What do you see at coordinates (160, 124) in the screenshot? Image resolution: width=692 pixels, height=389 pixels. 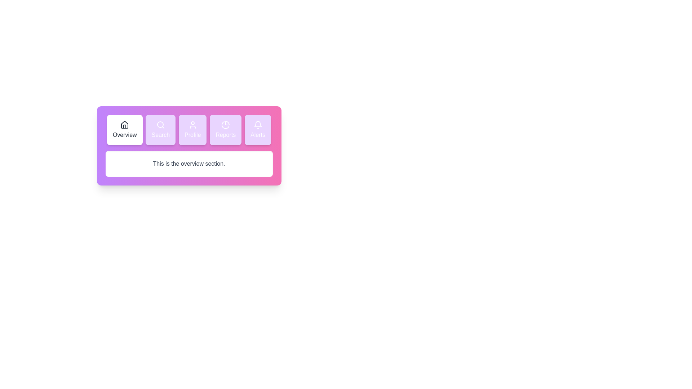 I see `the circular part of the 'Search' icon located in the second button from the left in the horizontal menu bar` at bounding box center [160, 124].